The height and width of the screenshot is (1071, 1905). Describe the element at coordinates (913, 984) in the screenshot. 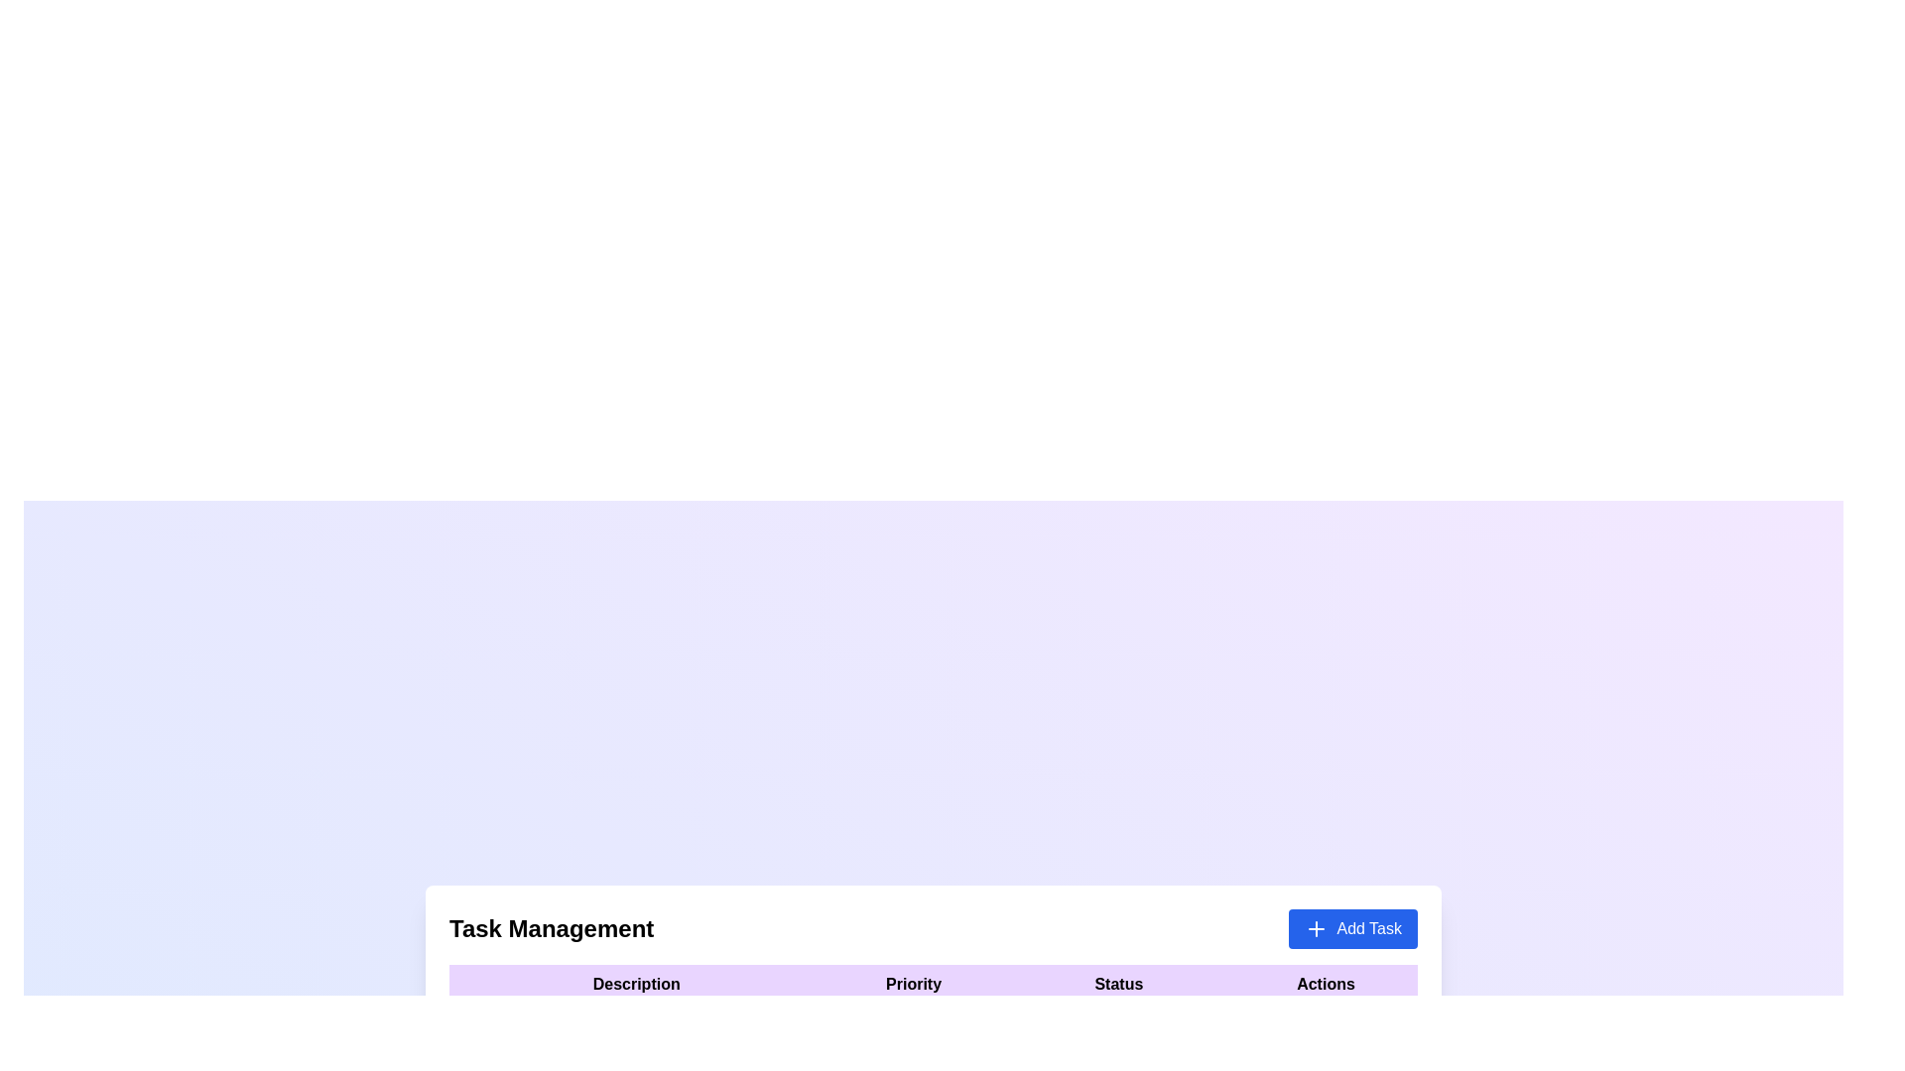

I see `the 'Priority' text label, which is a bold black font against a light purple background, positioned between the 'Description' and 'Status' labels` at that location.